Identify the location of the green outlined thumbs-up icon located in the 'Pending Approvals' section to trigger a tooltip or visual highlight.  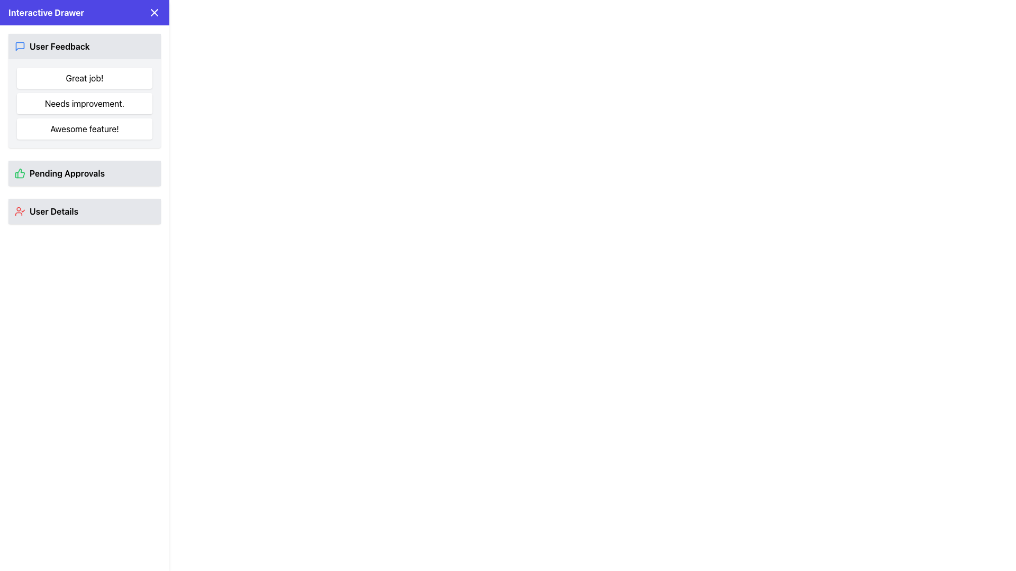
(20, 172).